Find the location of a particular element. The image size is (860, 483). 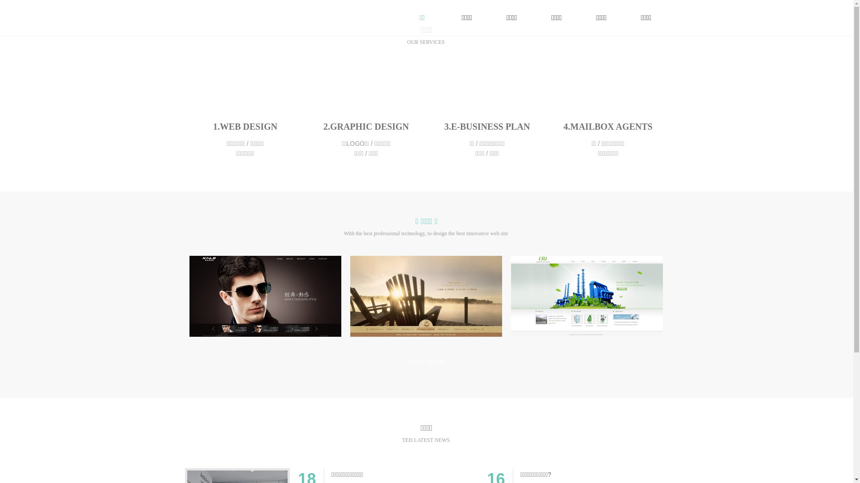

'VIEW MORE' is located at coordinates (426, 362).